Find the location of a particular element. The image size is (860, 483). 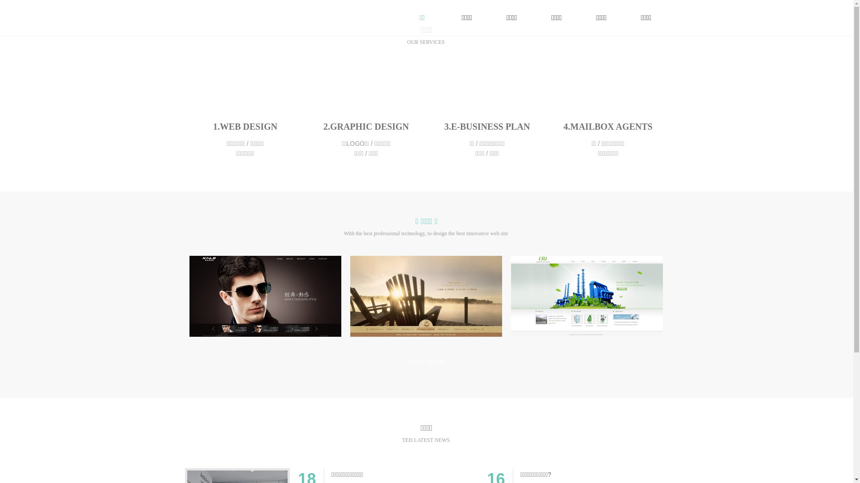

'VIEW MORE' is located at coordinates (426, 362).